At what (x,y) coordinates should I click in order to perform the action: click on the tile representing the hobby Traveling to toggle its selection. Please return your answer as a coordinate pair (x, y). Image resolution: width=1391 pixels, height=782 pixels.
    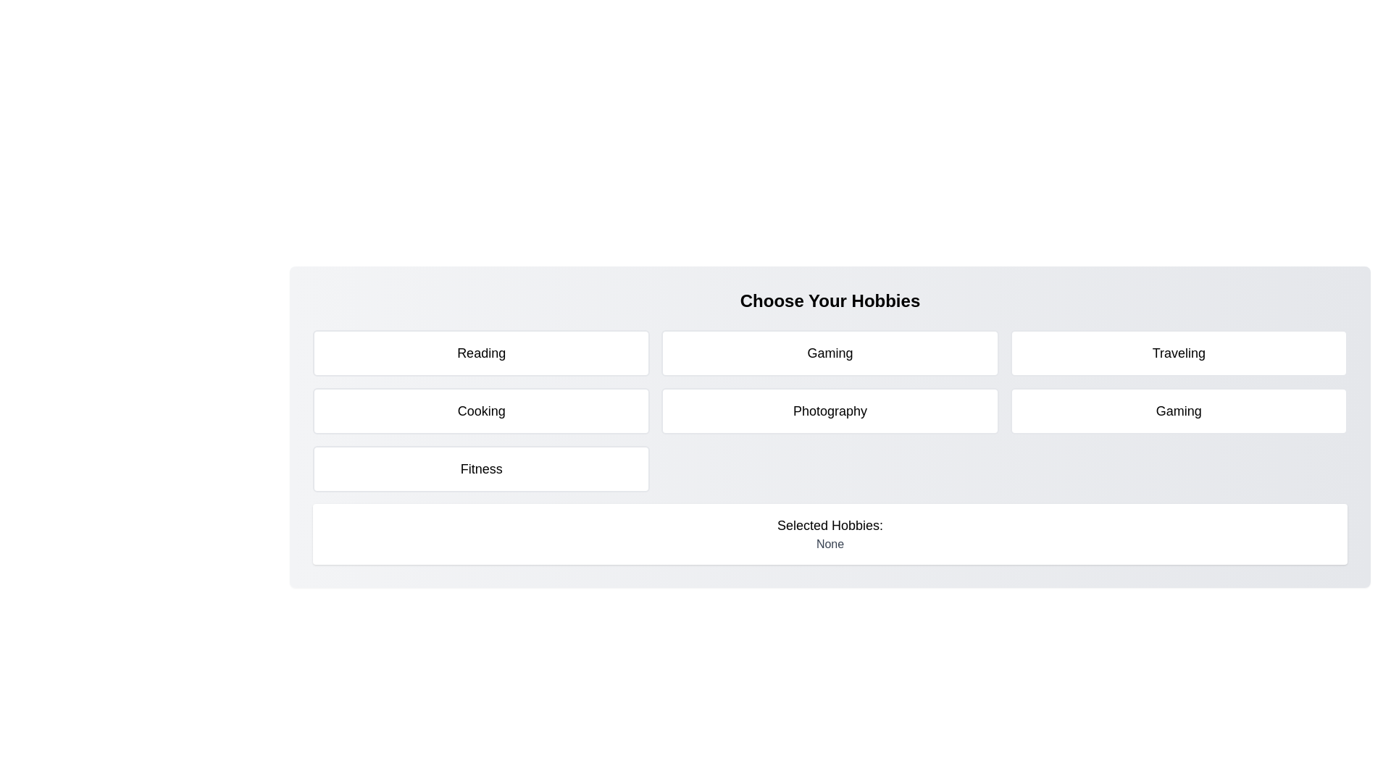
    Looking at the image, I should click on (1179, 353).